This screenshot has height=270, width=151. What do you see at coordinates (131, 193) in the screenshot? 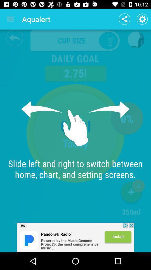
I see `the add icon` at bounding box center [131, 193].